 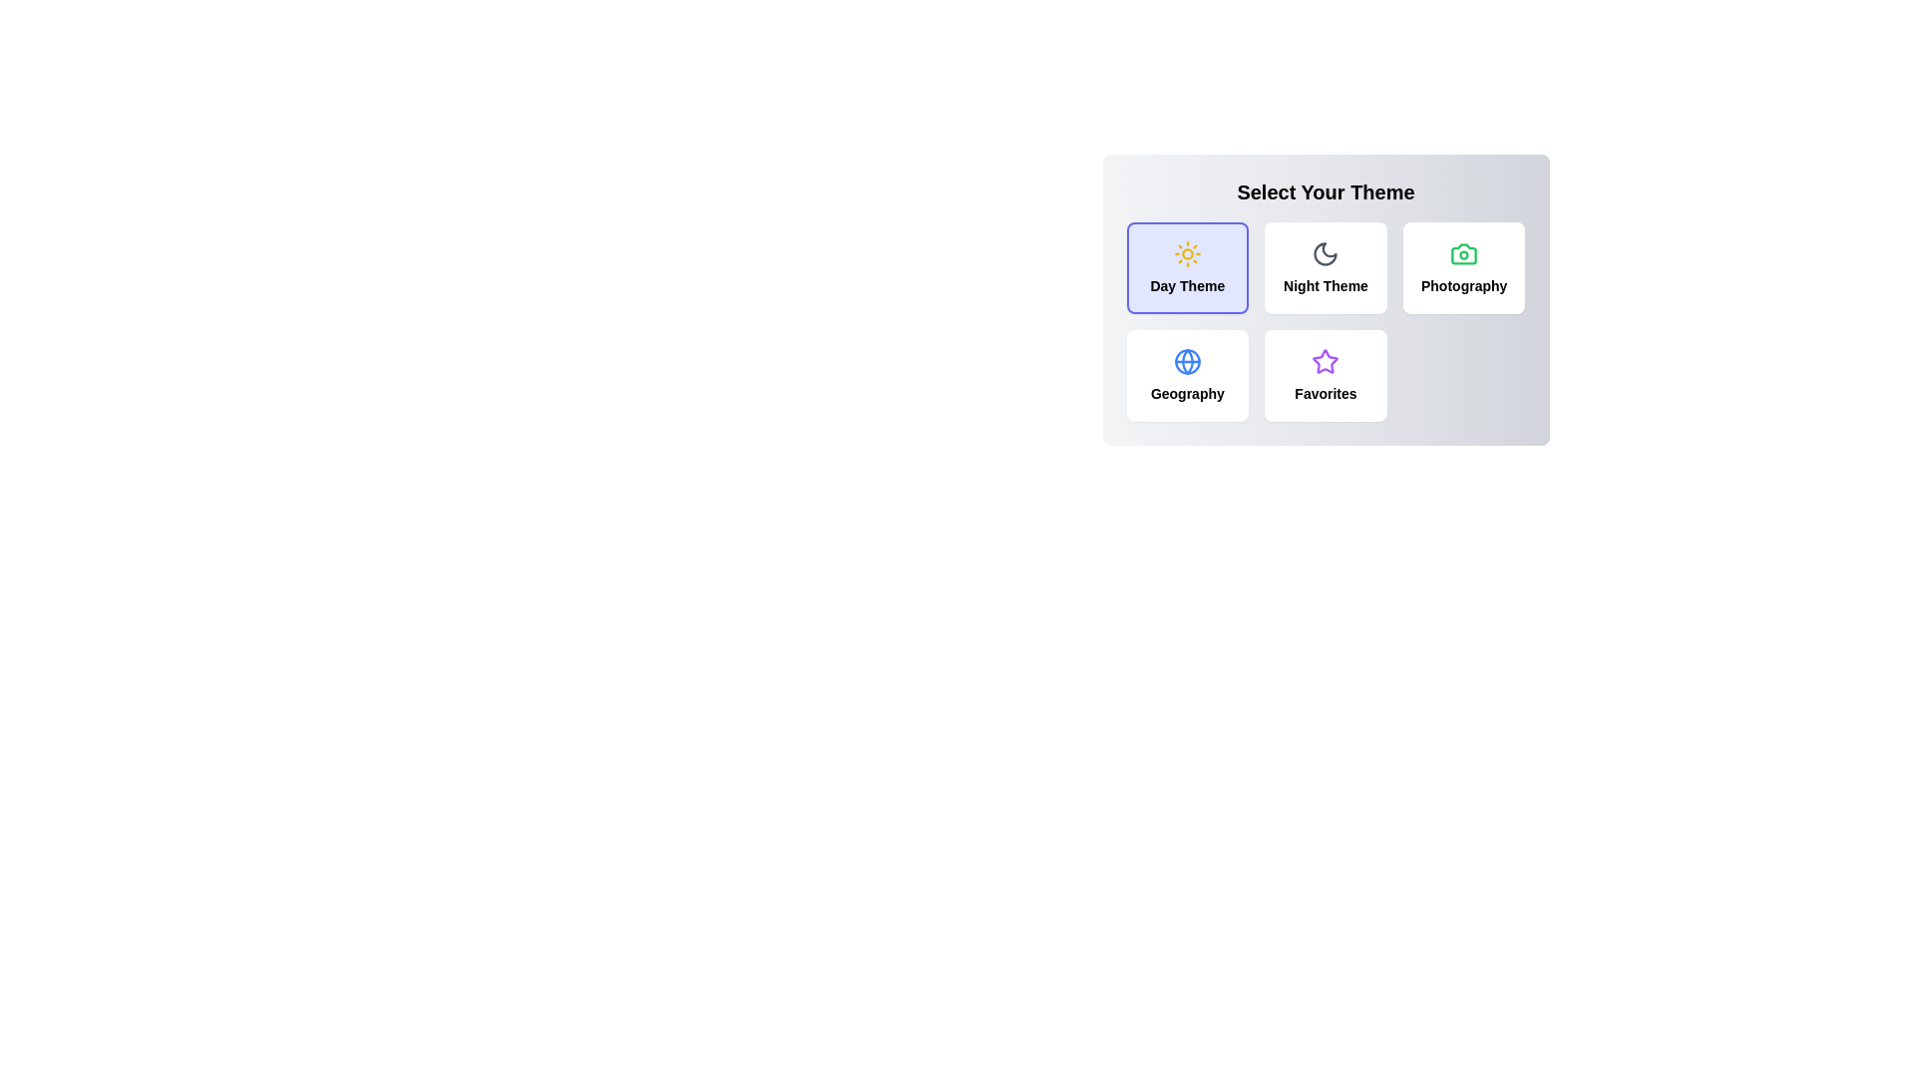 What do you see at coordinates (1464, 252) in the screenshot?
I see `the 'Photography' theme icon located in the top-right section of the 'Select Your Theme' dialog` at bounding box center [1464, 252].